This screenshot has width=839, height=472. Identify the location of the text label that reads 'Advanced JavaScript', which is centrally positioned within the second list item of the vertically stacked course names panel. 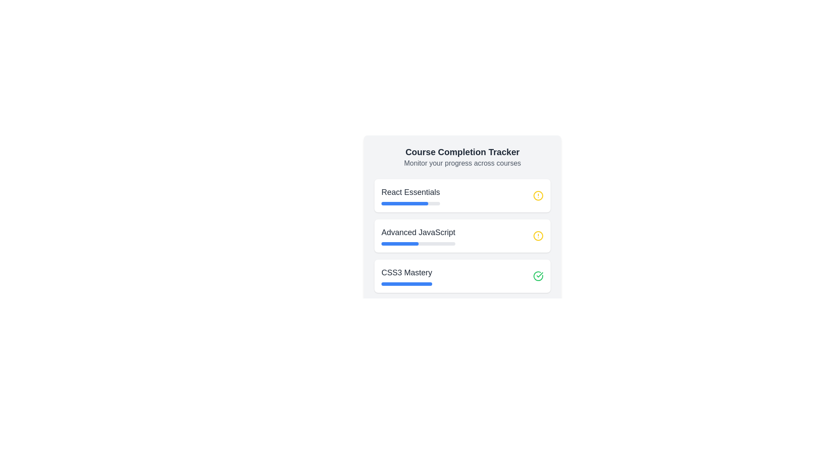
(418, 232).